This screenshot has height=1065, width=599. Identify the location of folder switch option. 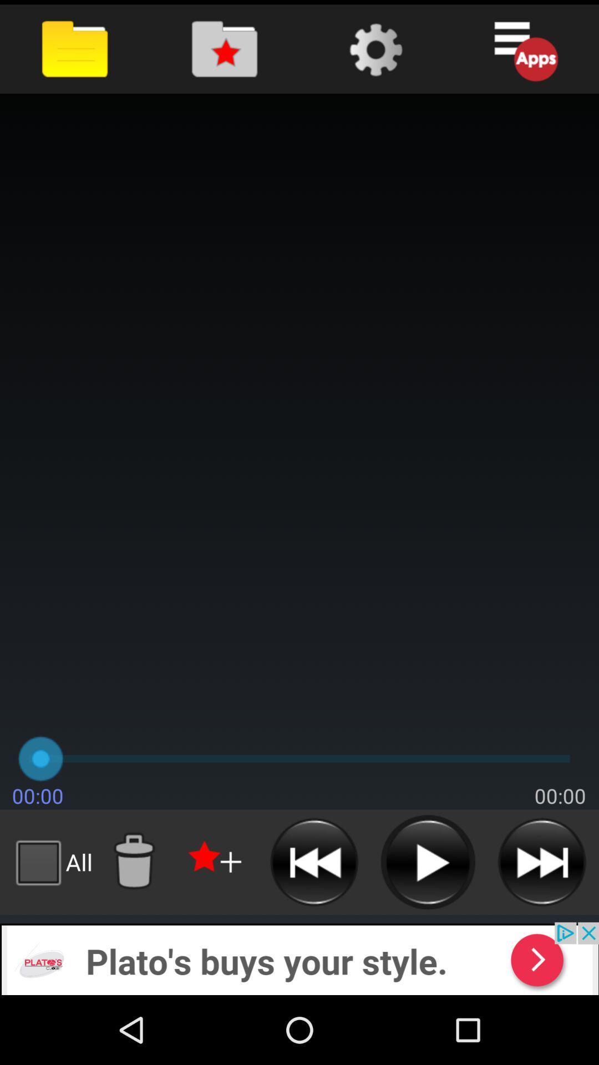
(225, 48).